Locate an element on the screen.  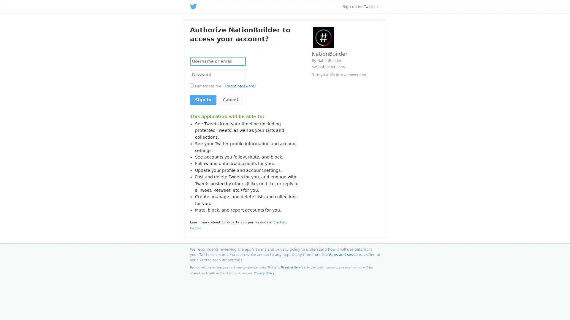
Cancel is located at coordinates (230, 99).